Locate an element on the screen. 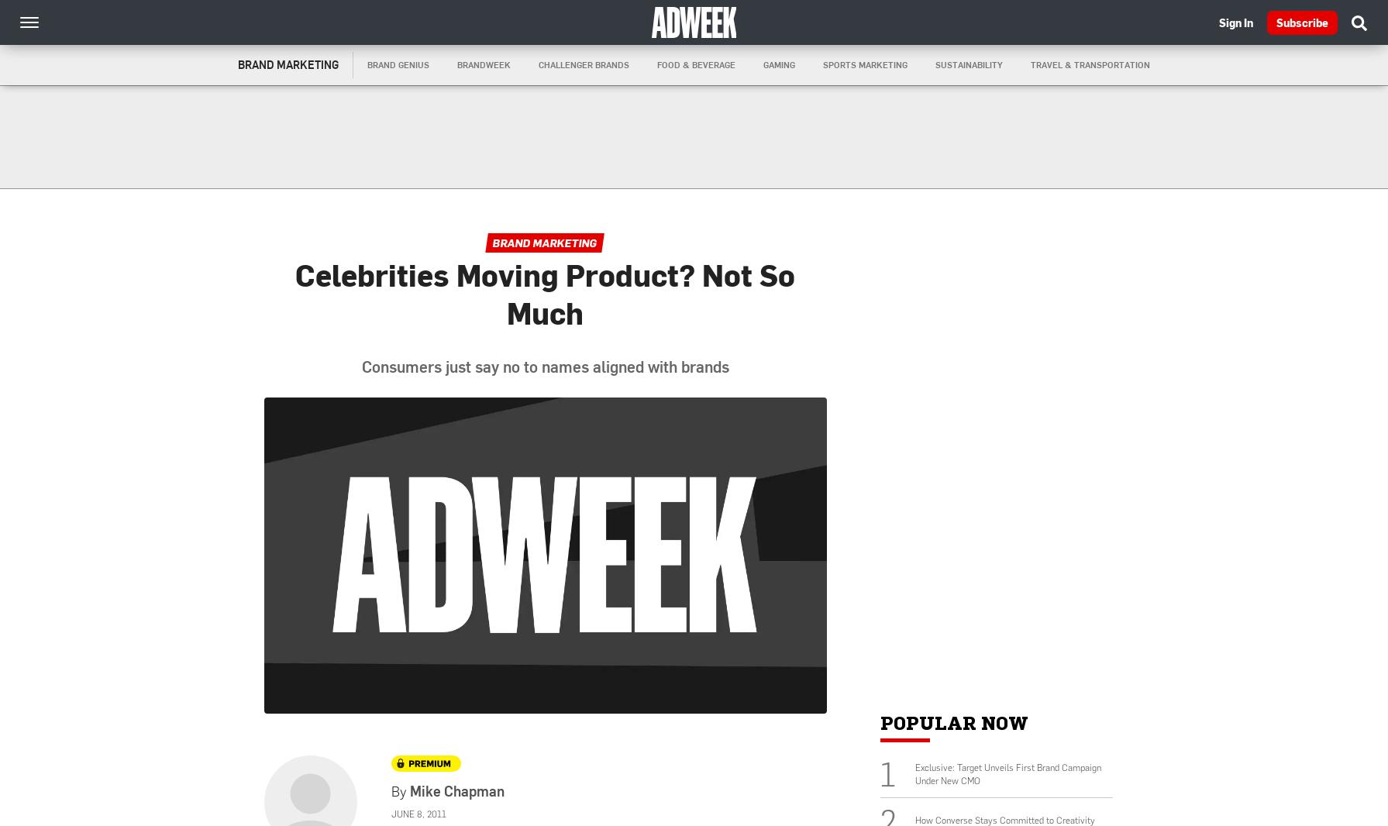  'Brand Genius' is located at coordinates (398, 64).